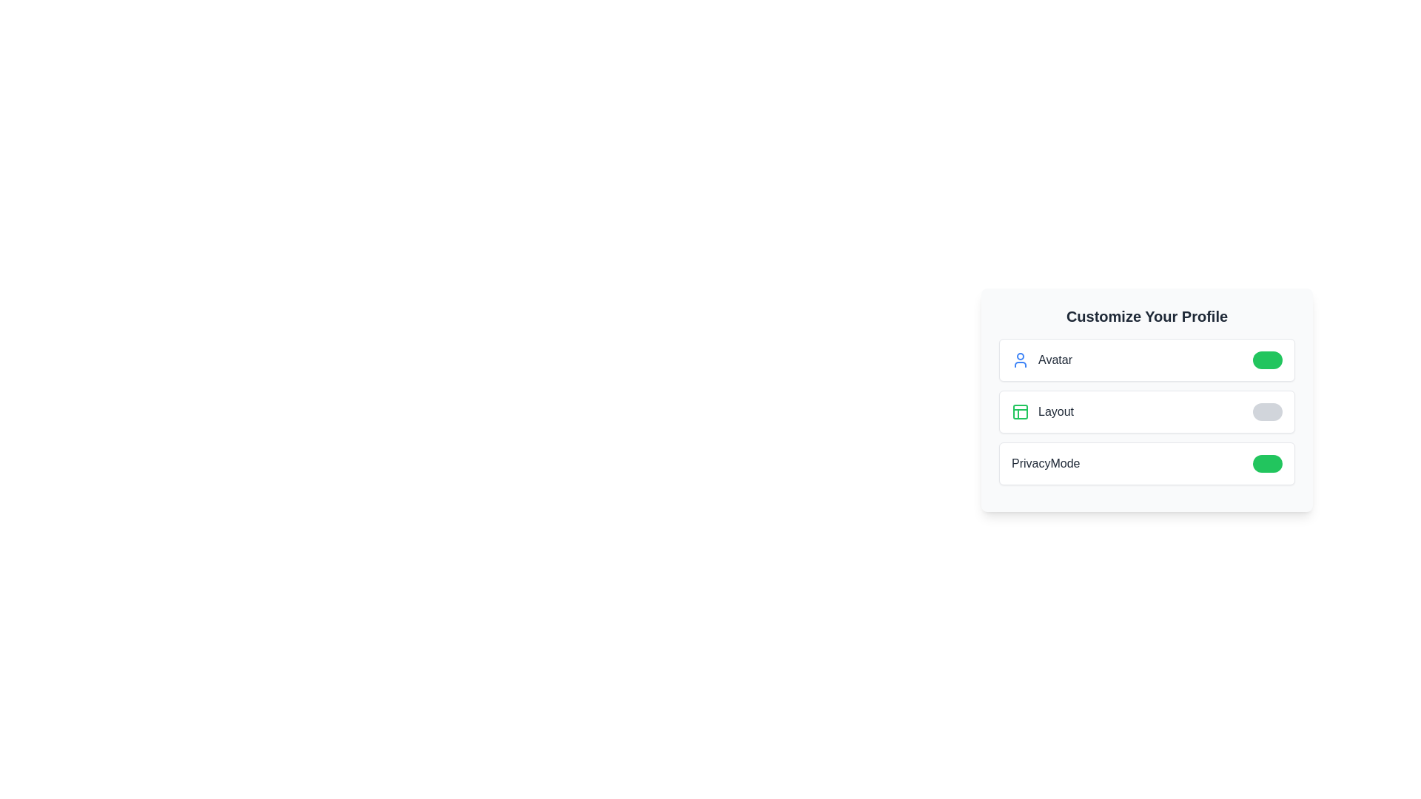 The image size is (1421, 799). I want to click on the toggle button for the Layout feature to change its state, so click(1267, 411).